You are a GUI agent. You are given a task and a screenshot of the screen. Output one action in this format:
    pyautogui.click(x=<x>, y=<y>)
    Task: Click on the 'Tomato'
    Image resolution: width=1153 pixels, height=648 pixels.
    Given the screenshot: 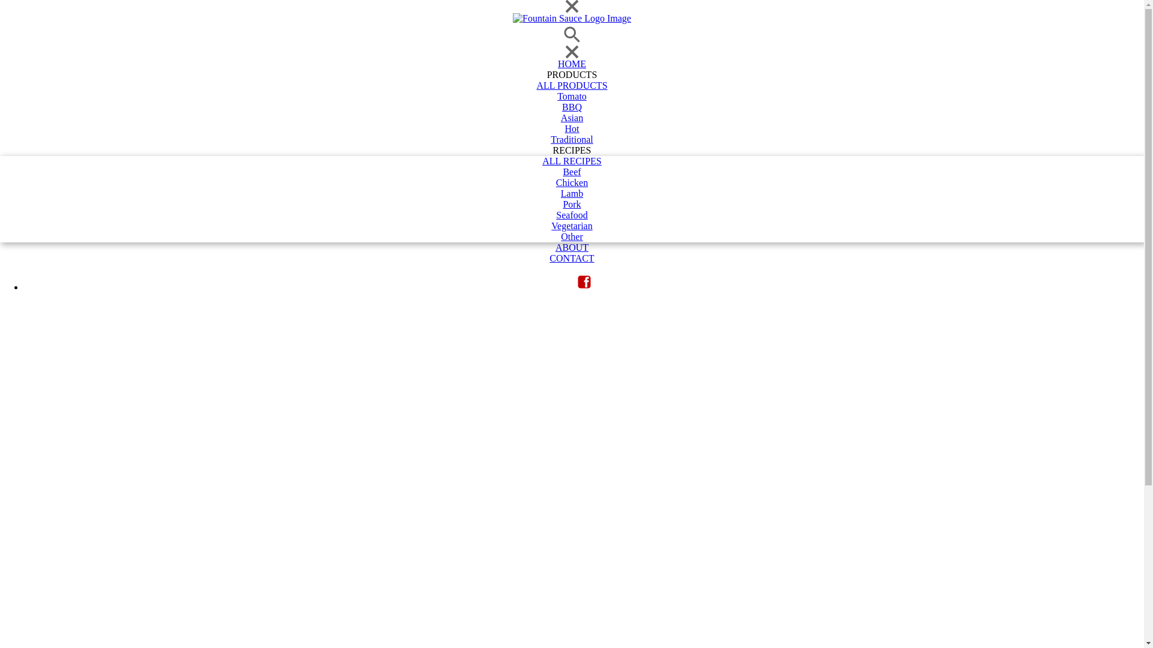 What is the action you would take?
    pyautogui.click(x=571, y=96)
    